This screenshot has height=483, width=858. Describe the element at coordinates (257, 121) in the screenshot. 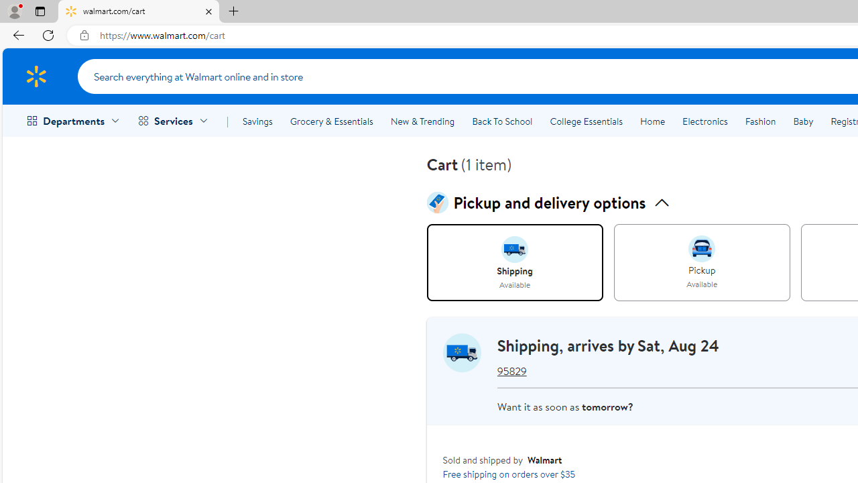

I see `'Savings'` at that location.